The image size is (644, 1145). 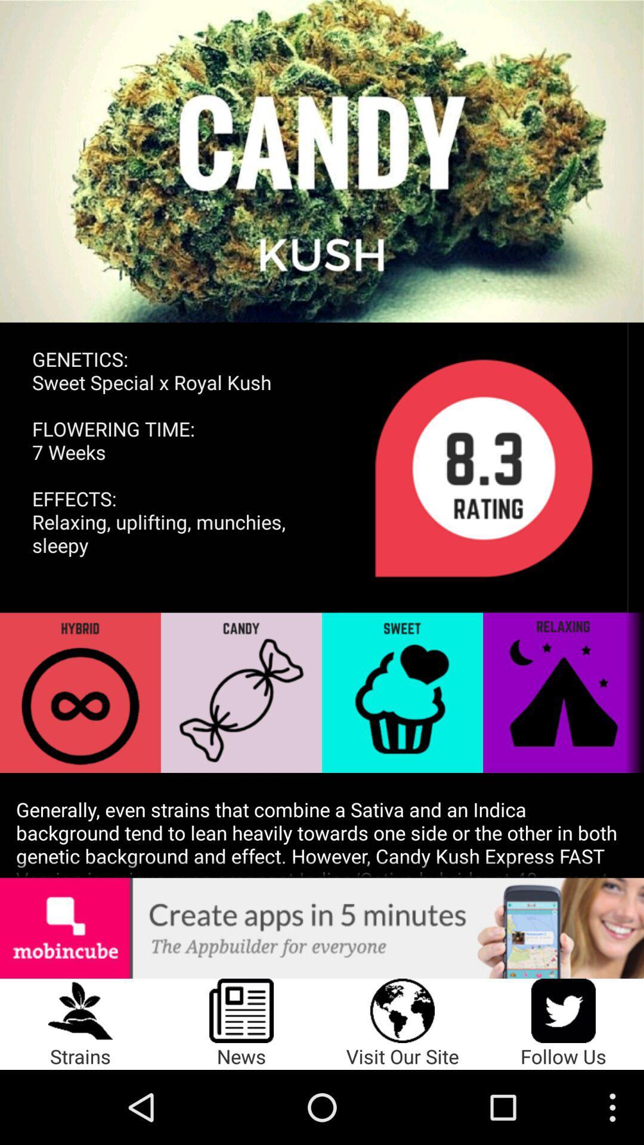 What do you see at coordinates (322, 927) in the screenshot?
I see `visit advertisement` at bounding box center [322, 927].